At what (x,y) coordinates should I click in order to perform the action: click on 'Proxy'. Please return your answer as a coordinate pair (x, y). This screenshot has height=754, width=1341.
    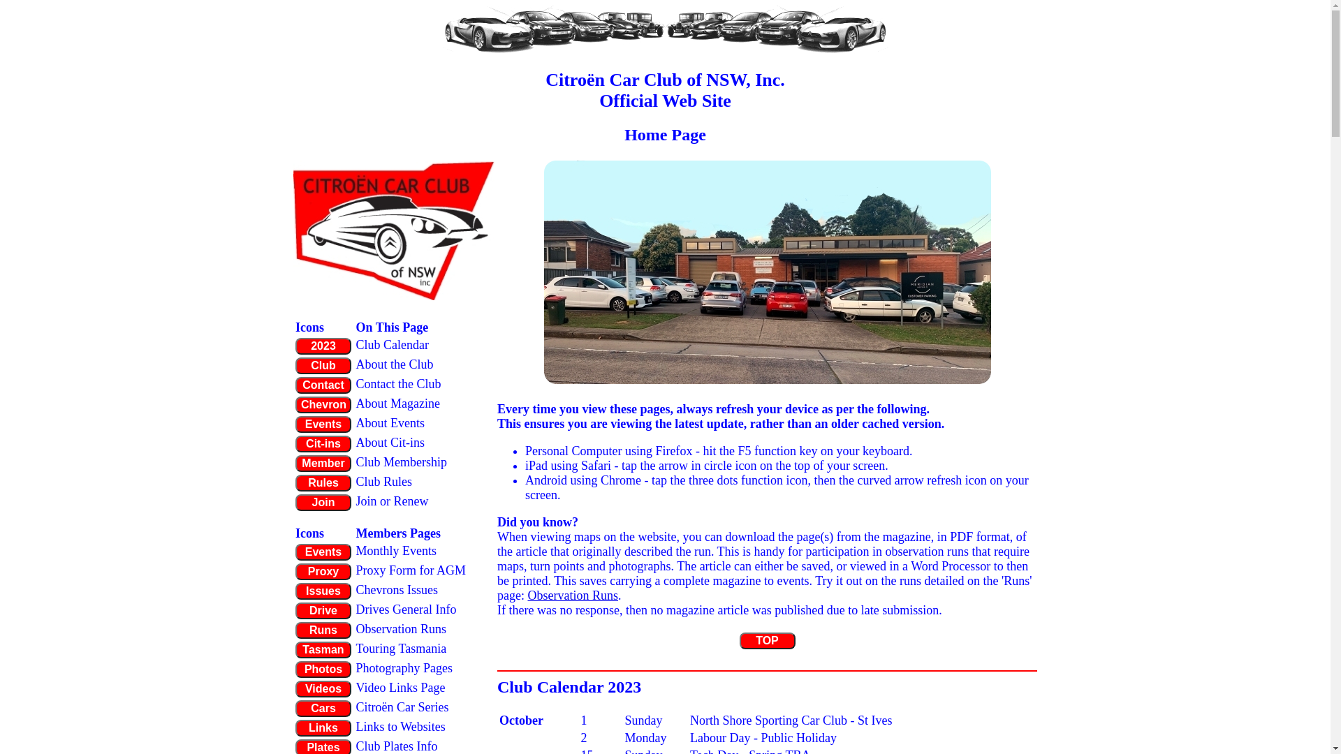
    Looking at the image, I should click on (294, 571).